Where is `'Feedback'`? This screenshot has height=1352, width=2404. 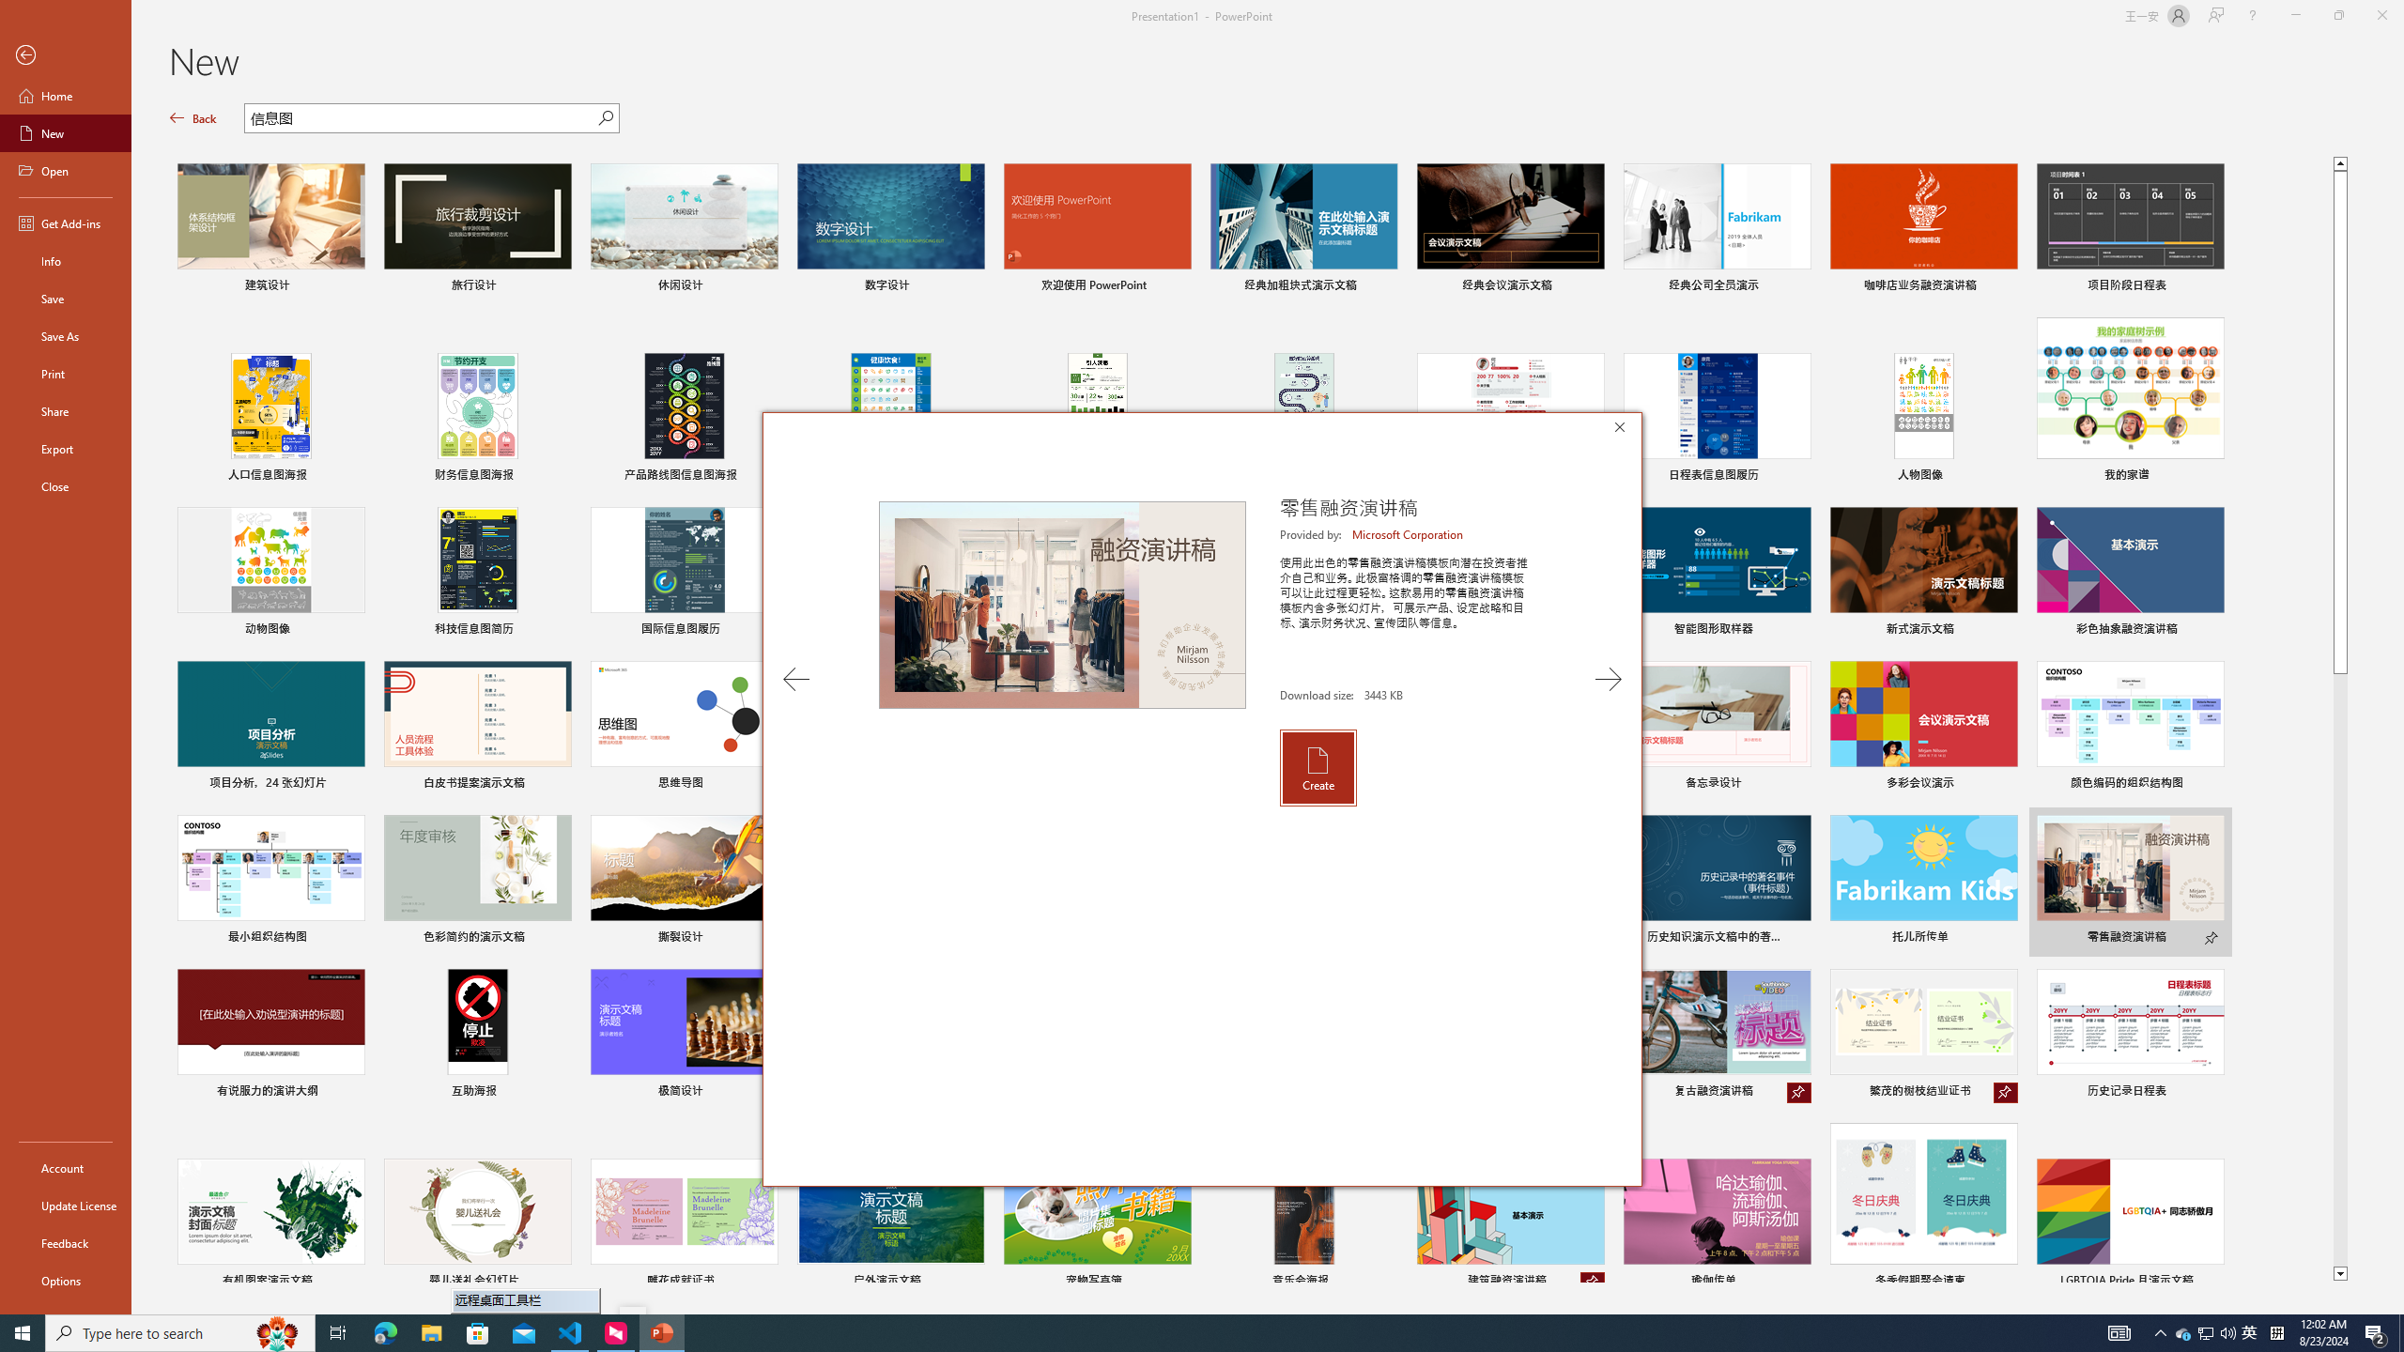
'Feedback' is located at coordinates (65, 1243).